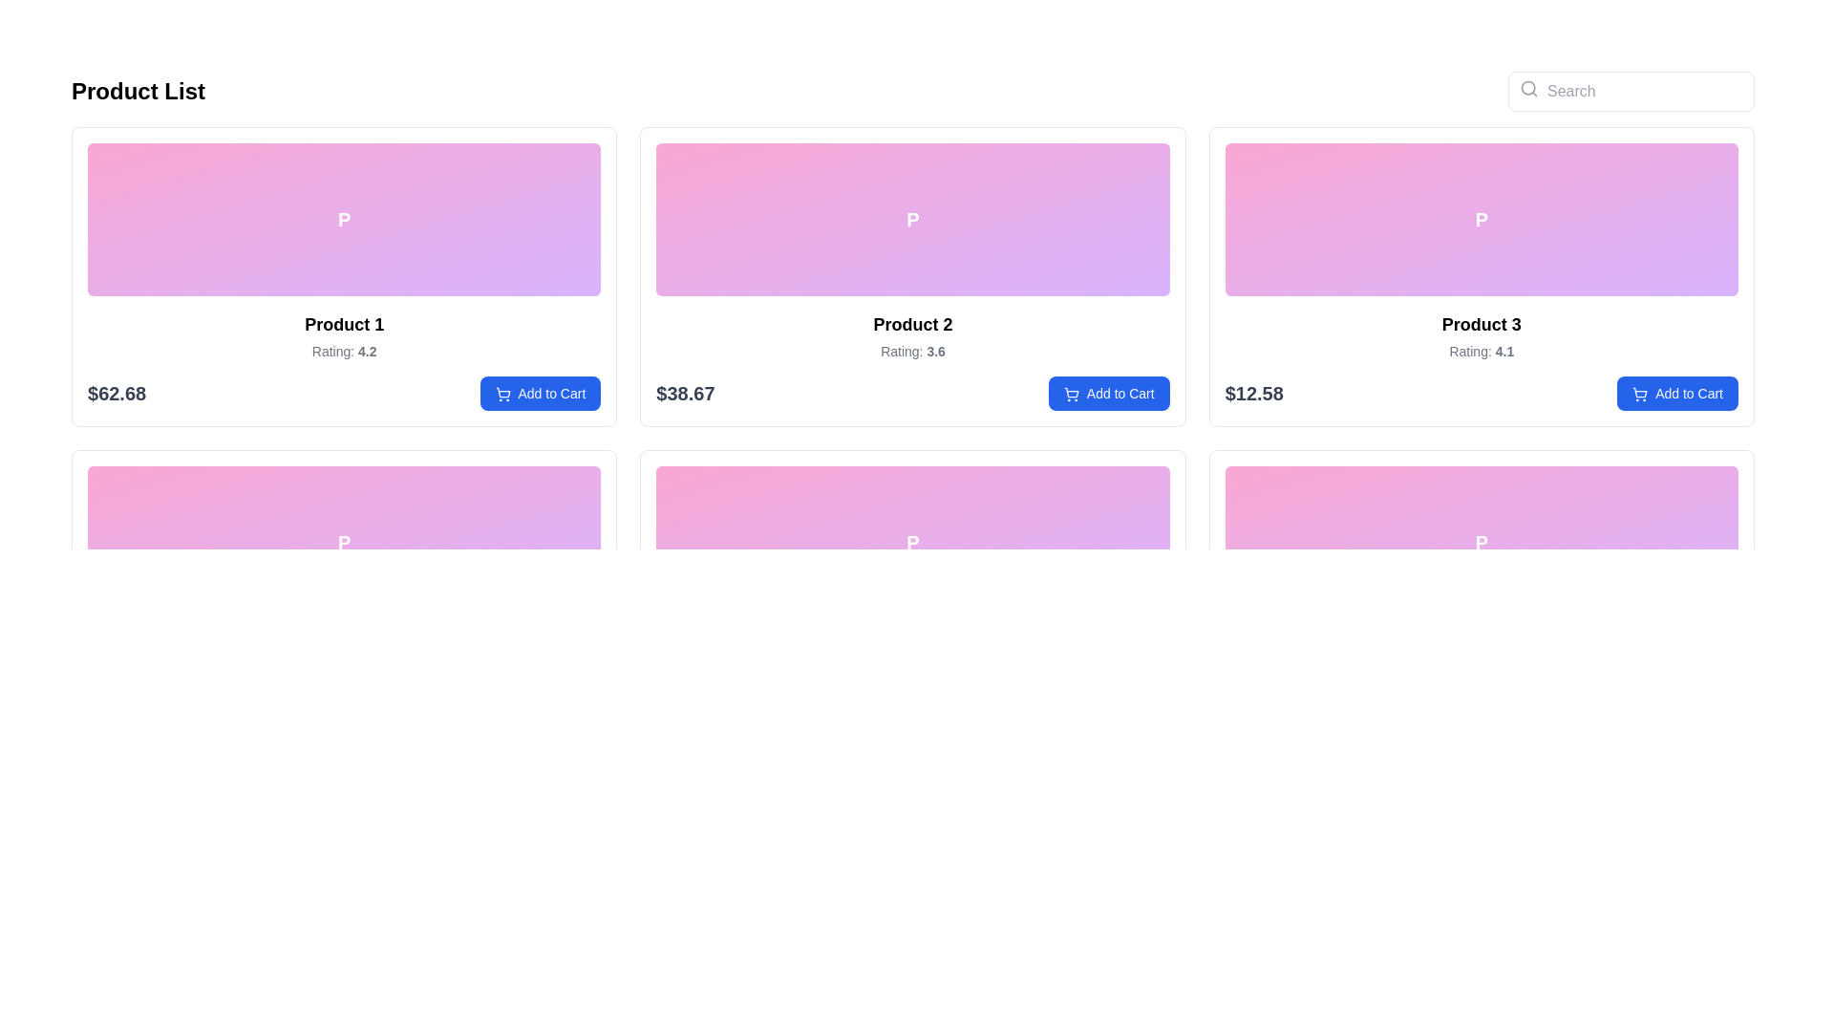 The image size is (1834, 1032). What do you see at coordinates (911, 323) in the screenshot?
I see `the static text label displaying 'Product 2', which is centered below the gradient image and above the rating text 'Rating: 3.6'` at bounding box center [911, 323].